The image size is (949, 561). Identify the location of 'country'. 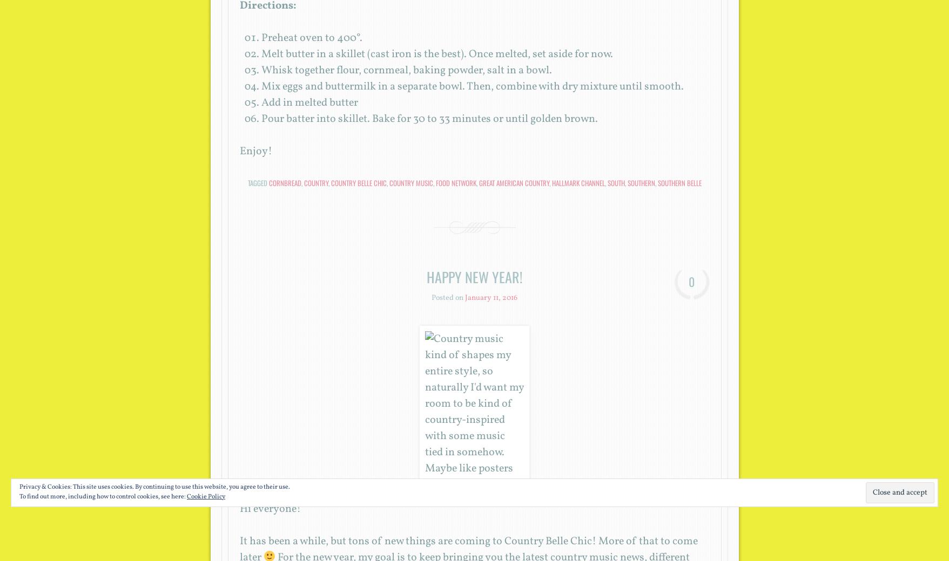
(304, 182).